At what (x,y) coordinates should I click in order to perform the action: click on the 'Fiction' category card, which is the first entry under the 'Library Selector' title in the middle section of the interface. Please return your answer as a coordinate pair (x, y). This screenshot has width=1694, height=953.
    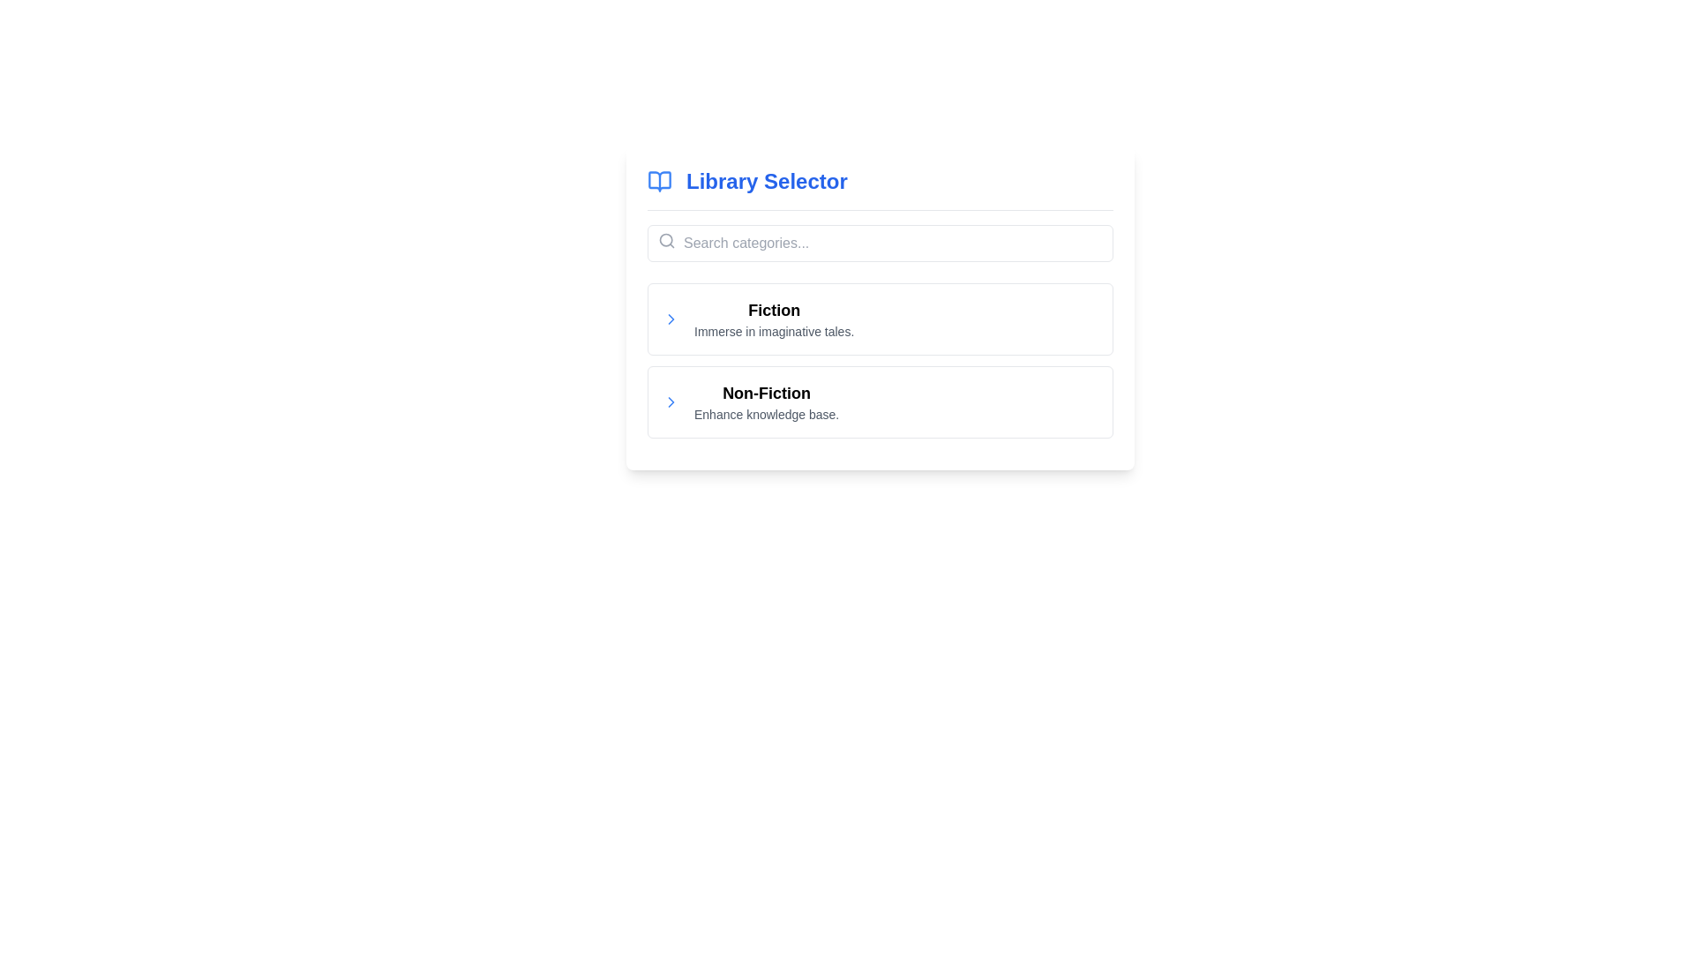
    Looking at the image, I should click on (881, 319).